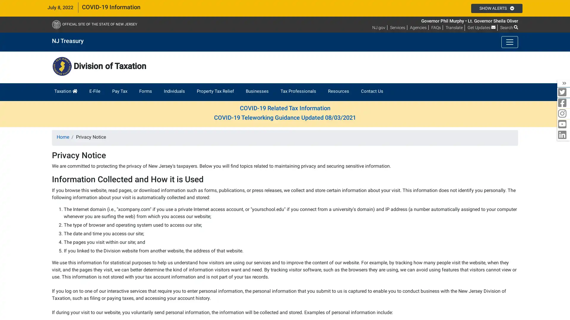 The image size is (570, 320). What do you see at coordinates (509, 27) in the screenshot?
I see `Search` at bounding box center [509, 27].